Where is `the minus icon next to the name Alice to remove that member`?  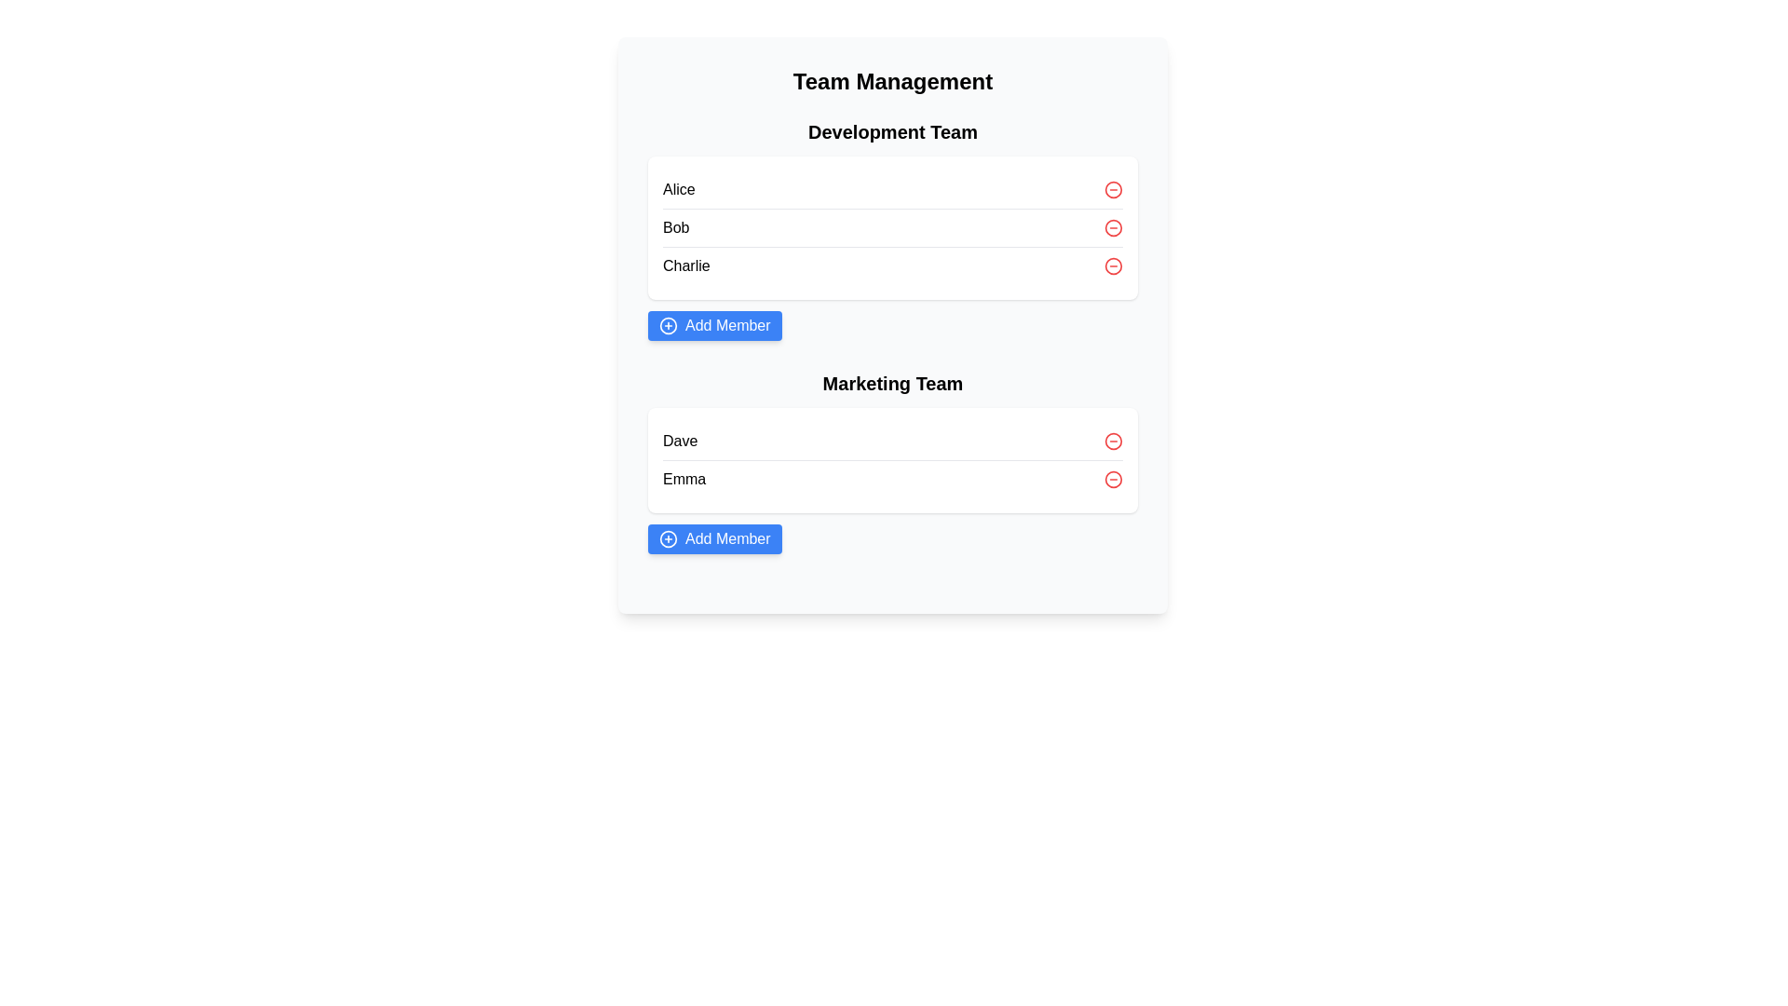
the minus icon next to the name Alice to remove that member is located at coordinates (1113, 190).